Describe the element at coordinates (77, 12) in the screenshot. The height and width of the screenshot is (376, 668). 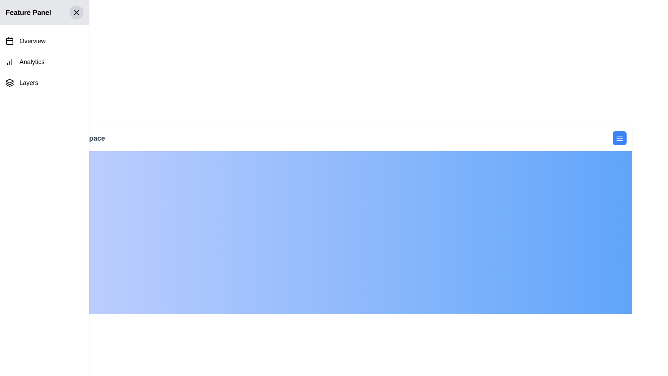
I see `the button located in the top-right corner of the 'Feature Panel' header, next to the 'Feature Panel' label` at that location.